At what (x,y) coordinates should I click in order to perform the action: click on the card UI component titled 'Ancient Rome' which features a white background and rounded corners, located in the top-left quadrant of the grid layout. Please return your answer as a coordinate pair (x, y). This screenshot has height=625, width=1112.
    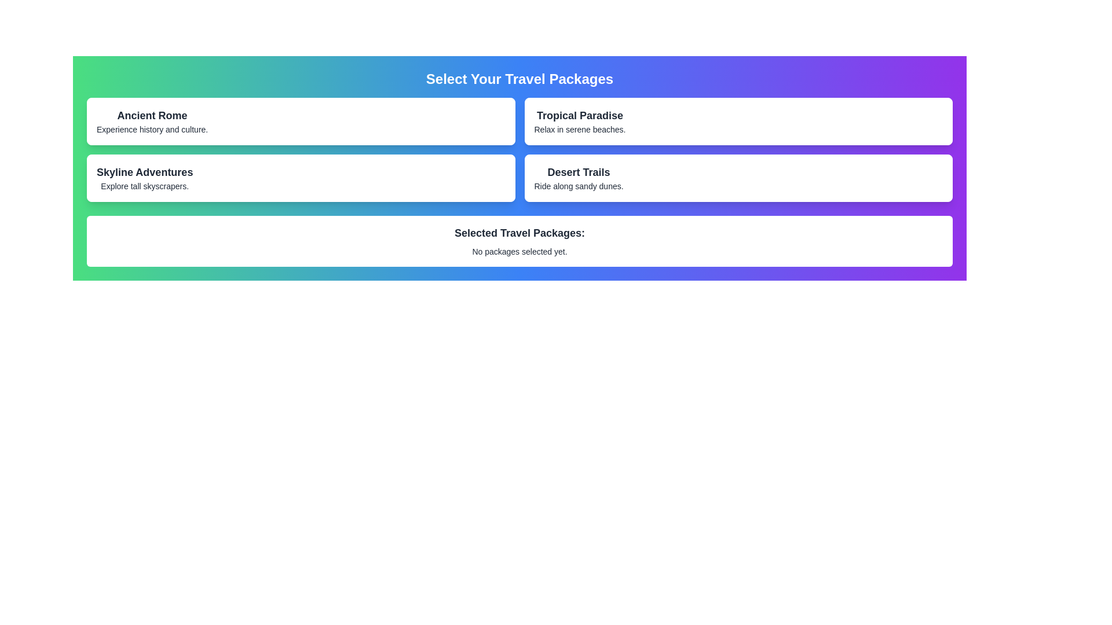
    Looking at the image, I should click on (301, 121).